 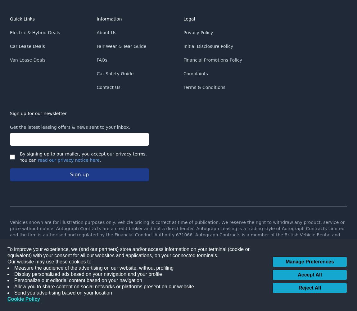 What do you see at coordinates (195, 73) in the screenshot?
I see `'Complaints'` at bounding box center [195, 73].